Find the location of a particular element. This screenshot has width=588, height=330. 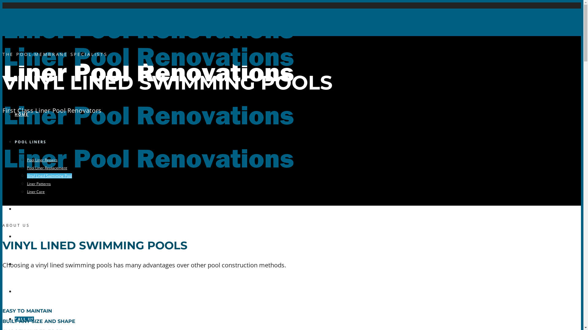

'CALL US' is located at coordinates (24, 319).